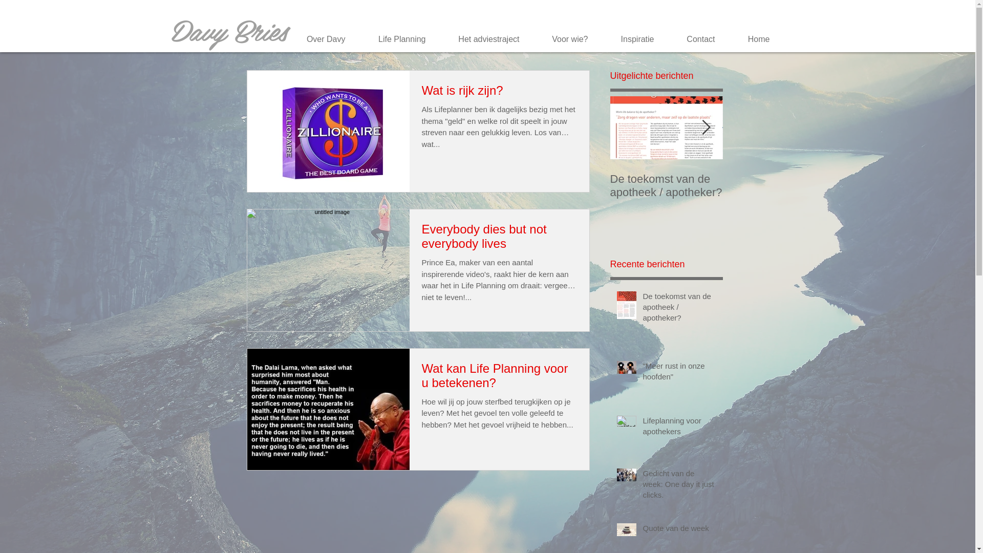 This screenshot has width=983, height=553. Describe the element at coordinates (482, 39) in the screenshot. I see `'Het adviestraject'` at that location.